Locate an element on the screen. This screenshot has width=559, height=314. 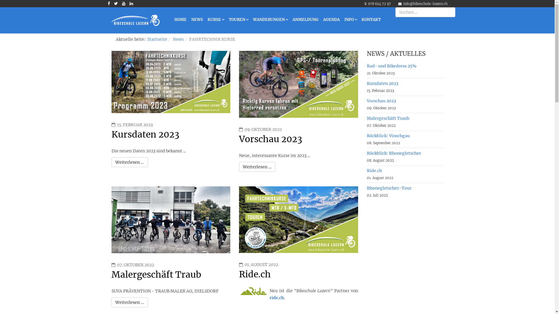
'ANMELDUNG' is located at coordinates (305, 19).